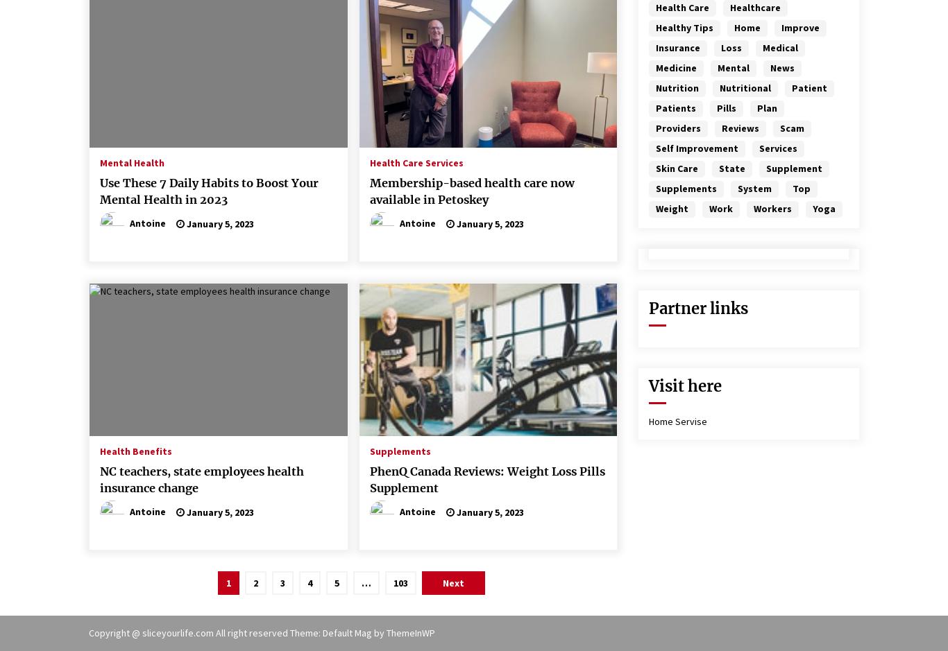  What do you see at coordinates (800, 27) in the screenshot?
I see `'improve'` at bounding box center [800, 27].